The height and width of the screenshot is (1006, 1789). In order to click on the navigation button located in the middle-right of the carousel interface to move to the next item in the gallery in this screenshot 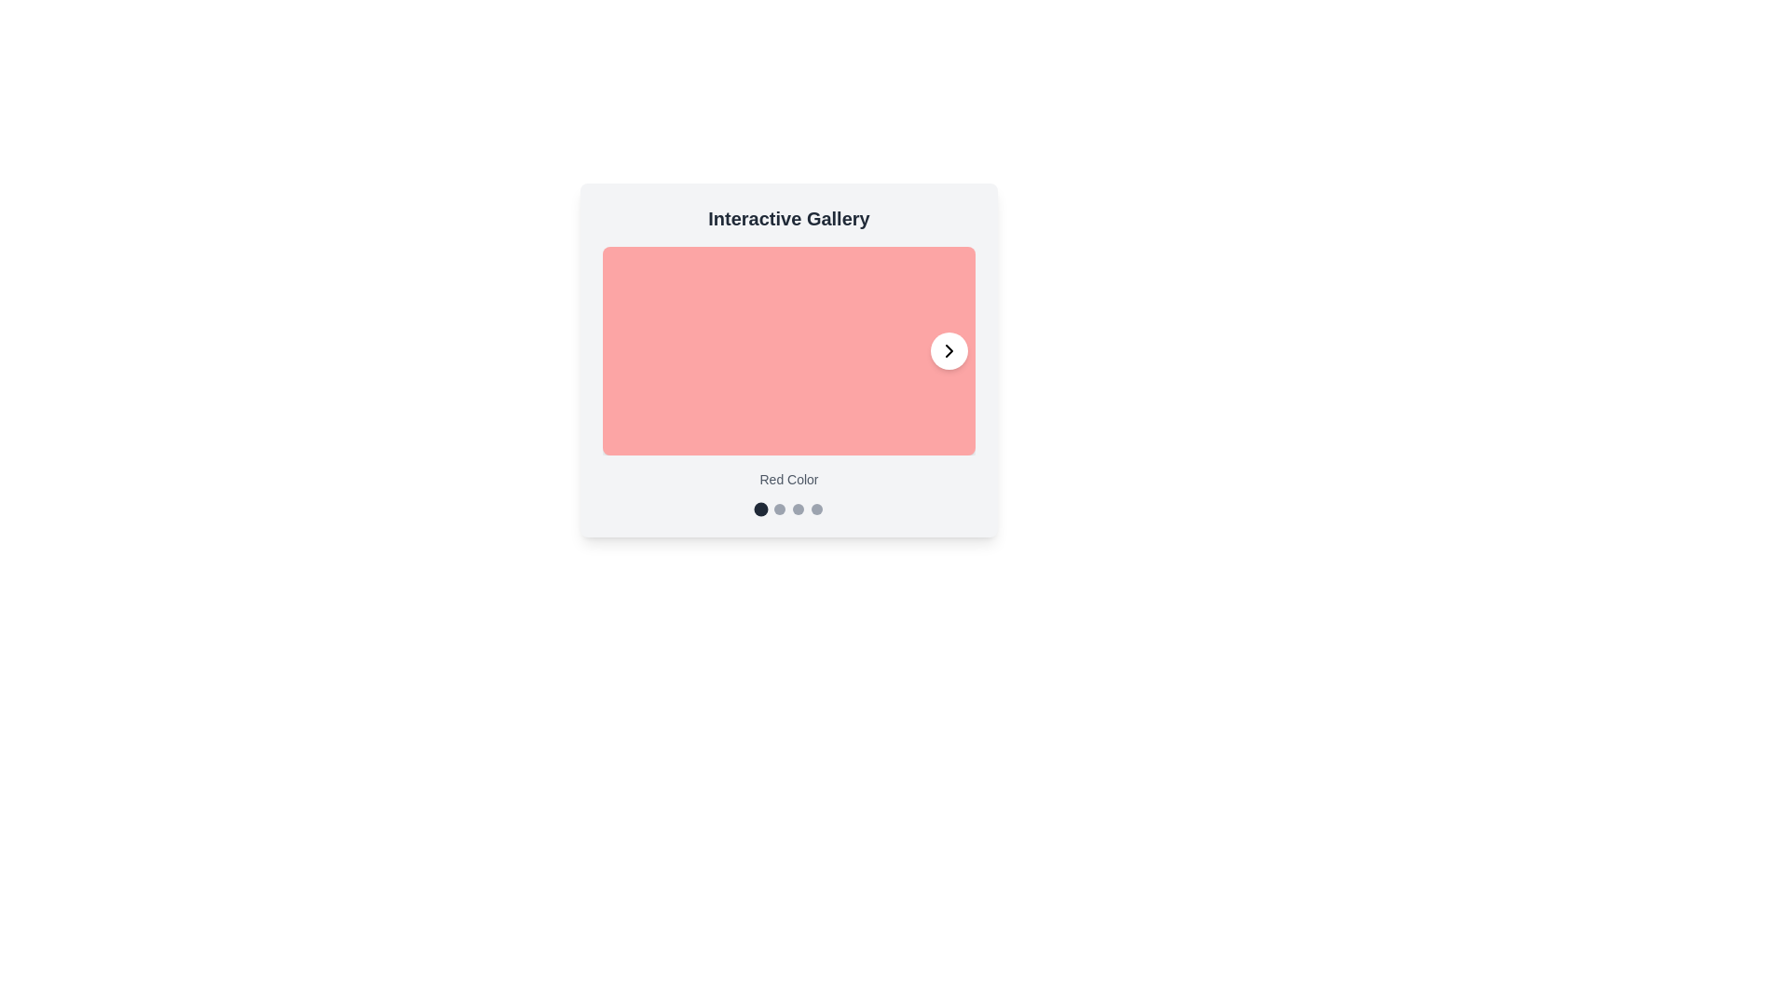, I will do `click(949, 351)`.